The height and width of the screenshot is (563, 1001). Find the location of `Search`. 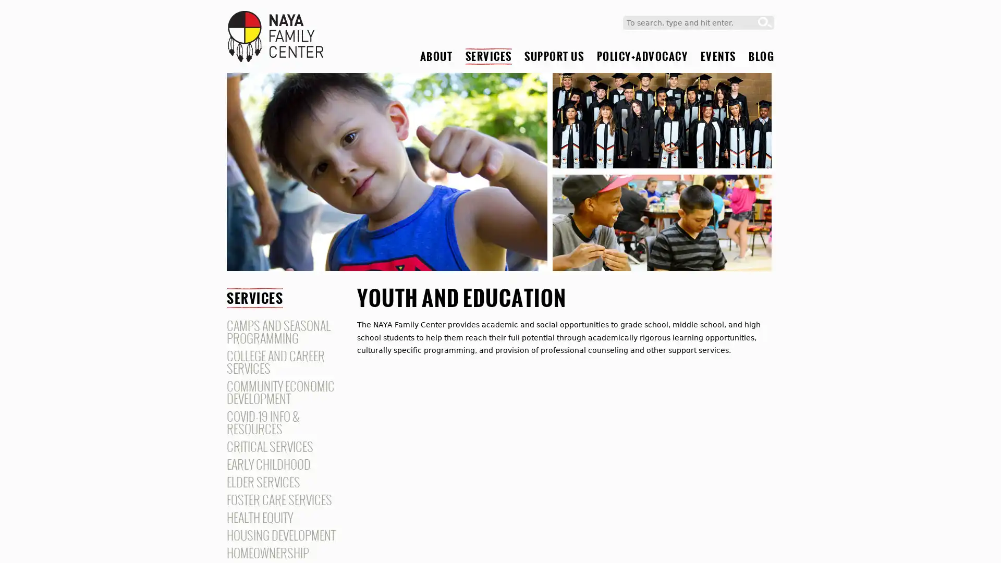

Search is located at coordinates (765, 22).